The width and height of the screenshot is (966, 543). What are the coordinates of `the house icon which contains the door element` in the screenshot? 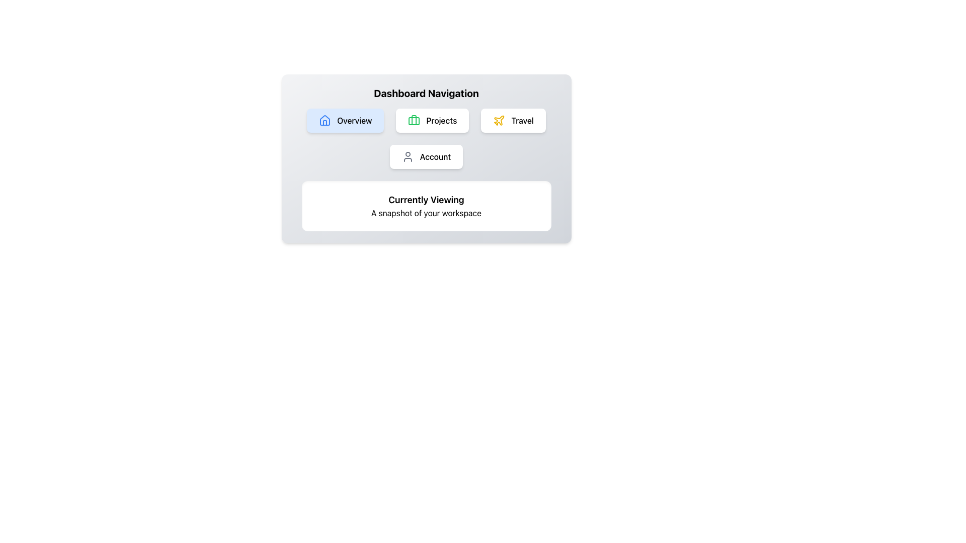 It's located at (325, 122).